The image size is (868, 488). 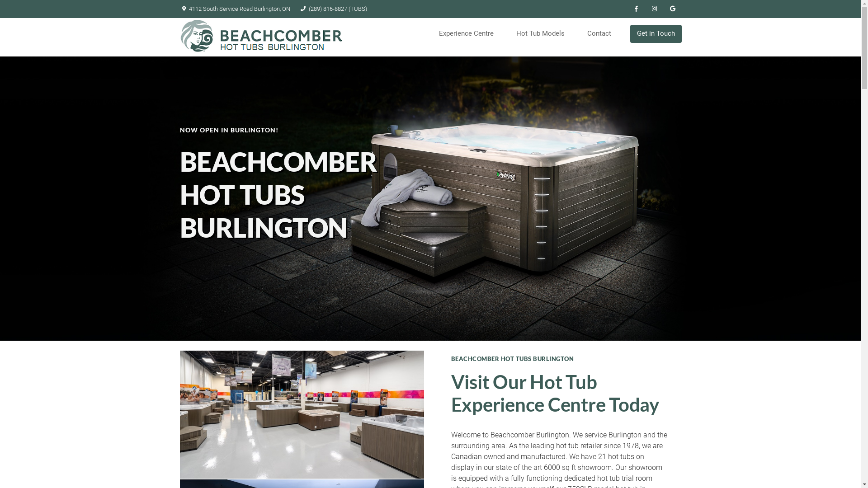 What do you see at coordinates (602, 33) in the screenshot?
I see `'Contact'` at bounding box center [602, 33].